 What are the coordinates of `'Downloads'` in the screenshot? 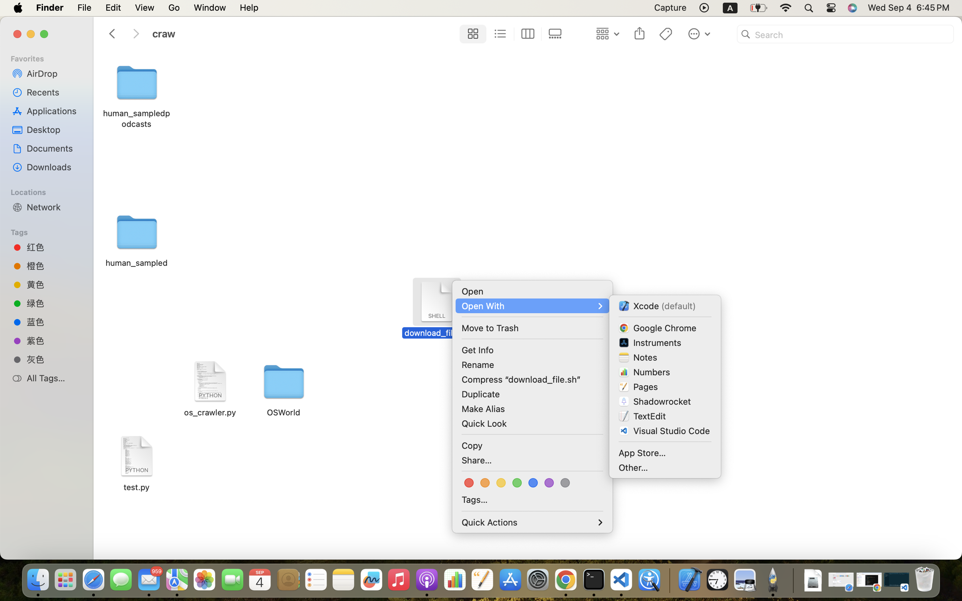 It's located at (53, 167).